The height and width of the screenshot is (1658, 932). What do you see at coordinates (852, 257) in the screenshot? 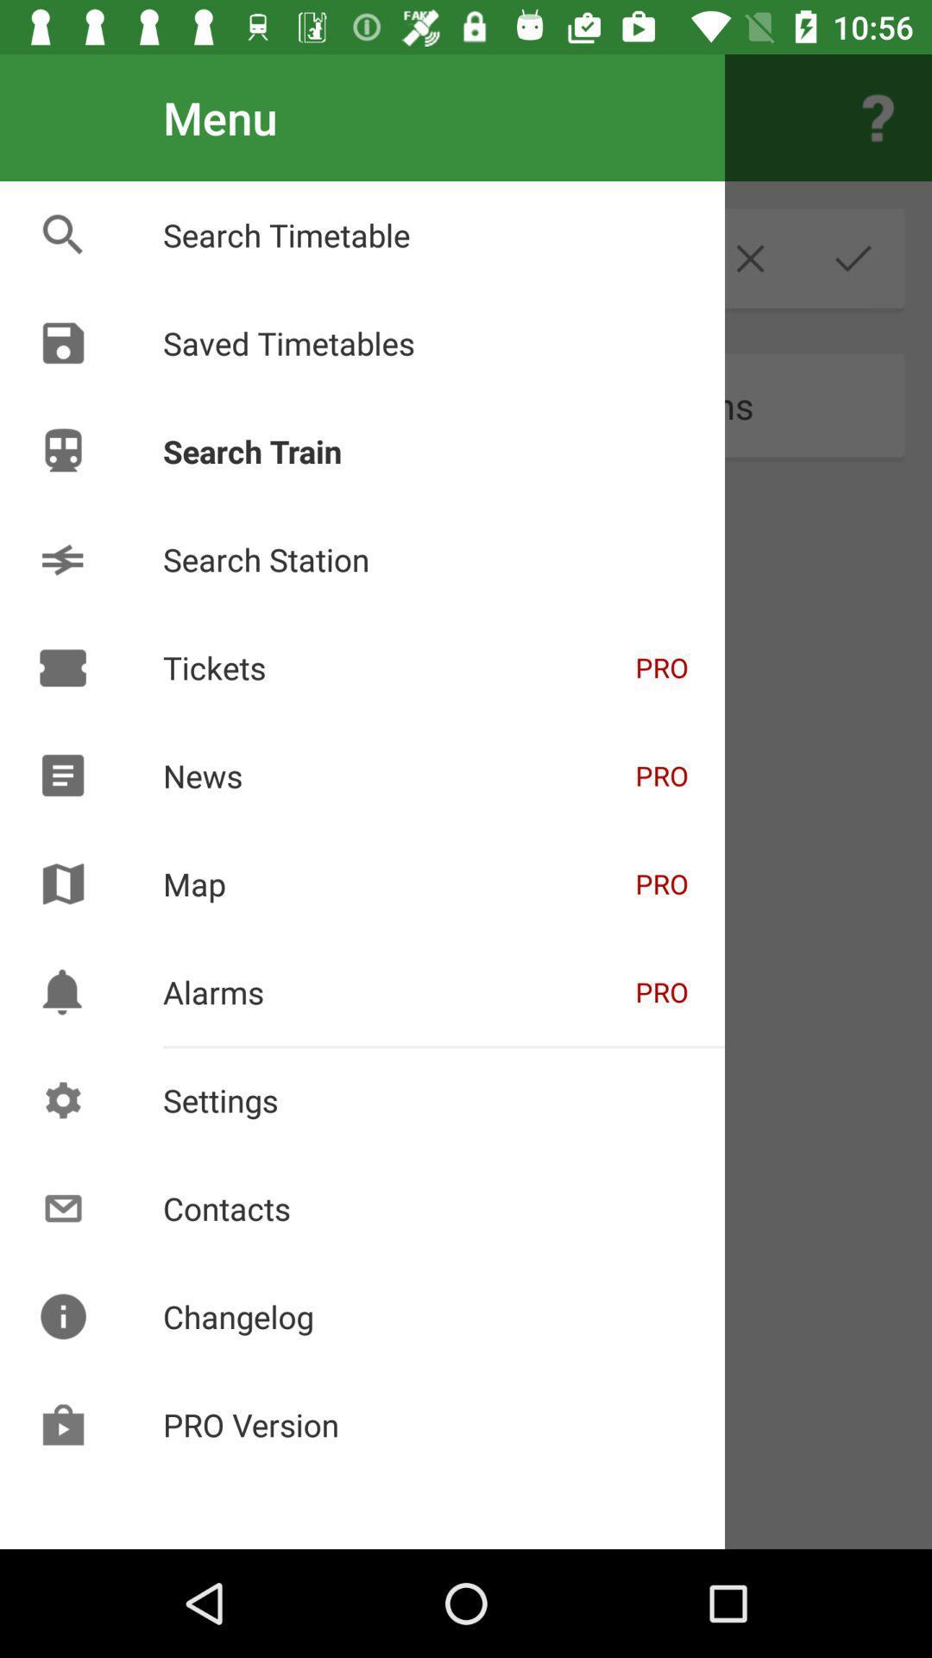
I see `the check icon` at bounding box center [852, 257].